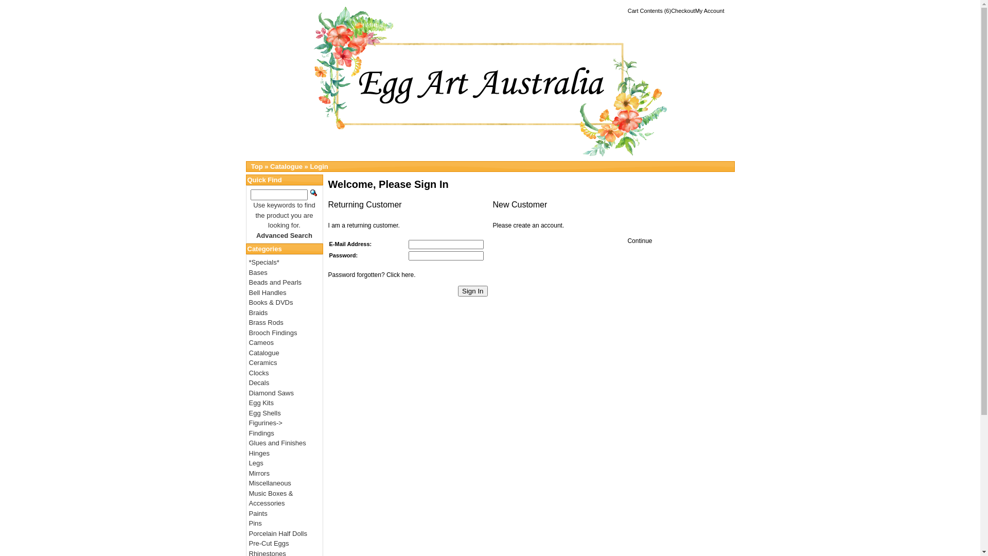 This screenshot has width=988, height=556. I want to click on 'Decals', so click(259, 383).